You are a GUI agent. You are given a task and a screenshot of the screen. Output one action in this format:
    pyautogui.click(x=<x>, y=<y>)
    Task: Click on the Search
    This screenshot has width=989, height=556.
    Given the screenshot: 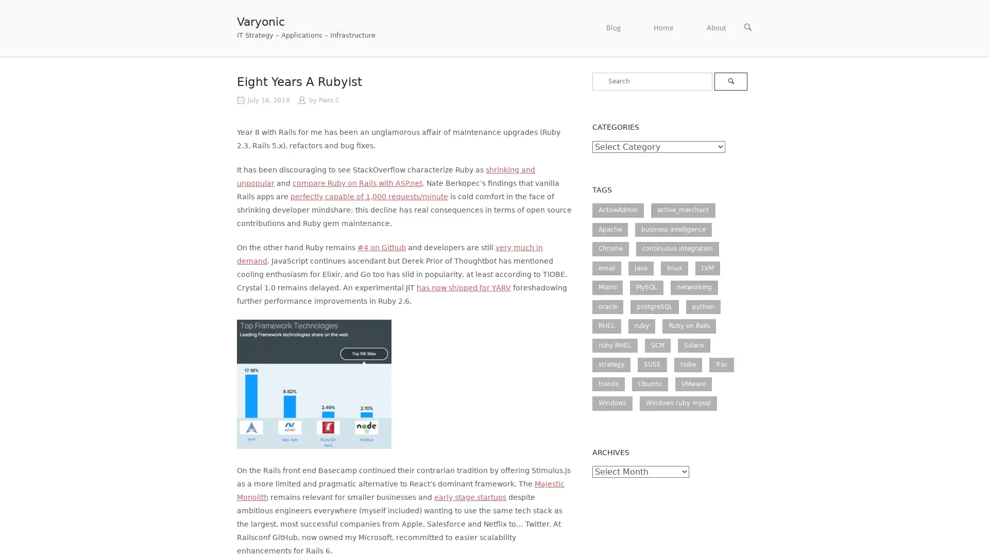 What is the action you would take?
    pyautogui.click(x=729, y=81)
    